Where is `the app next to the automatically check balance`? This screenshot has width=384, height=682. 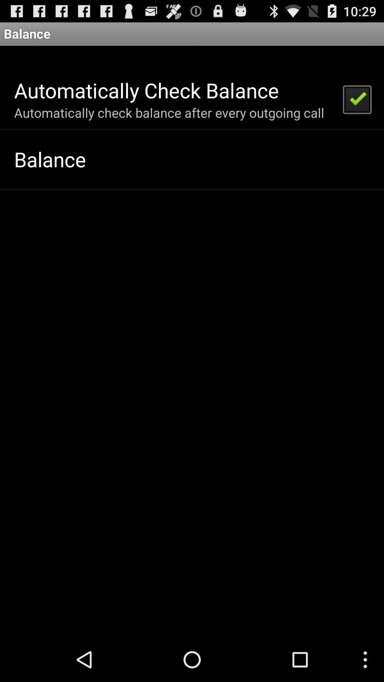 the app next to the automatically check balance is located at coordinates (357, 98).